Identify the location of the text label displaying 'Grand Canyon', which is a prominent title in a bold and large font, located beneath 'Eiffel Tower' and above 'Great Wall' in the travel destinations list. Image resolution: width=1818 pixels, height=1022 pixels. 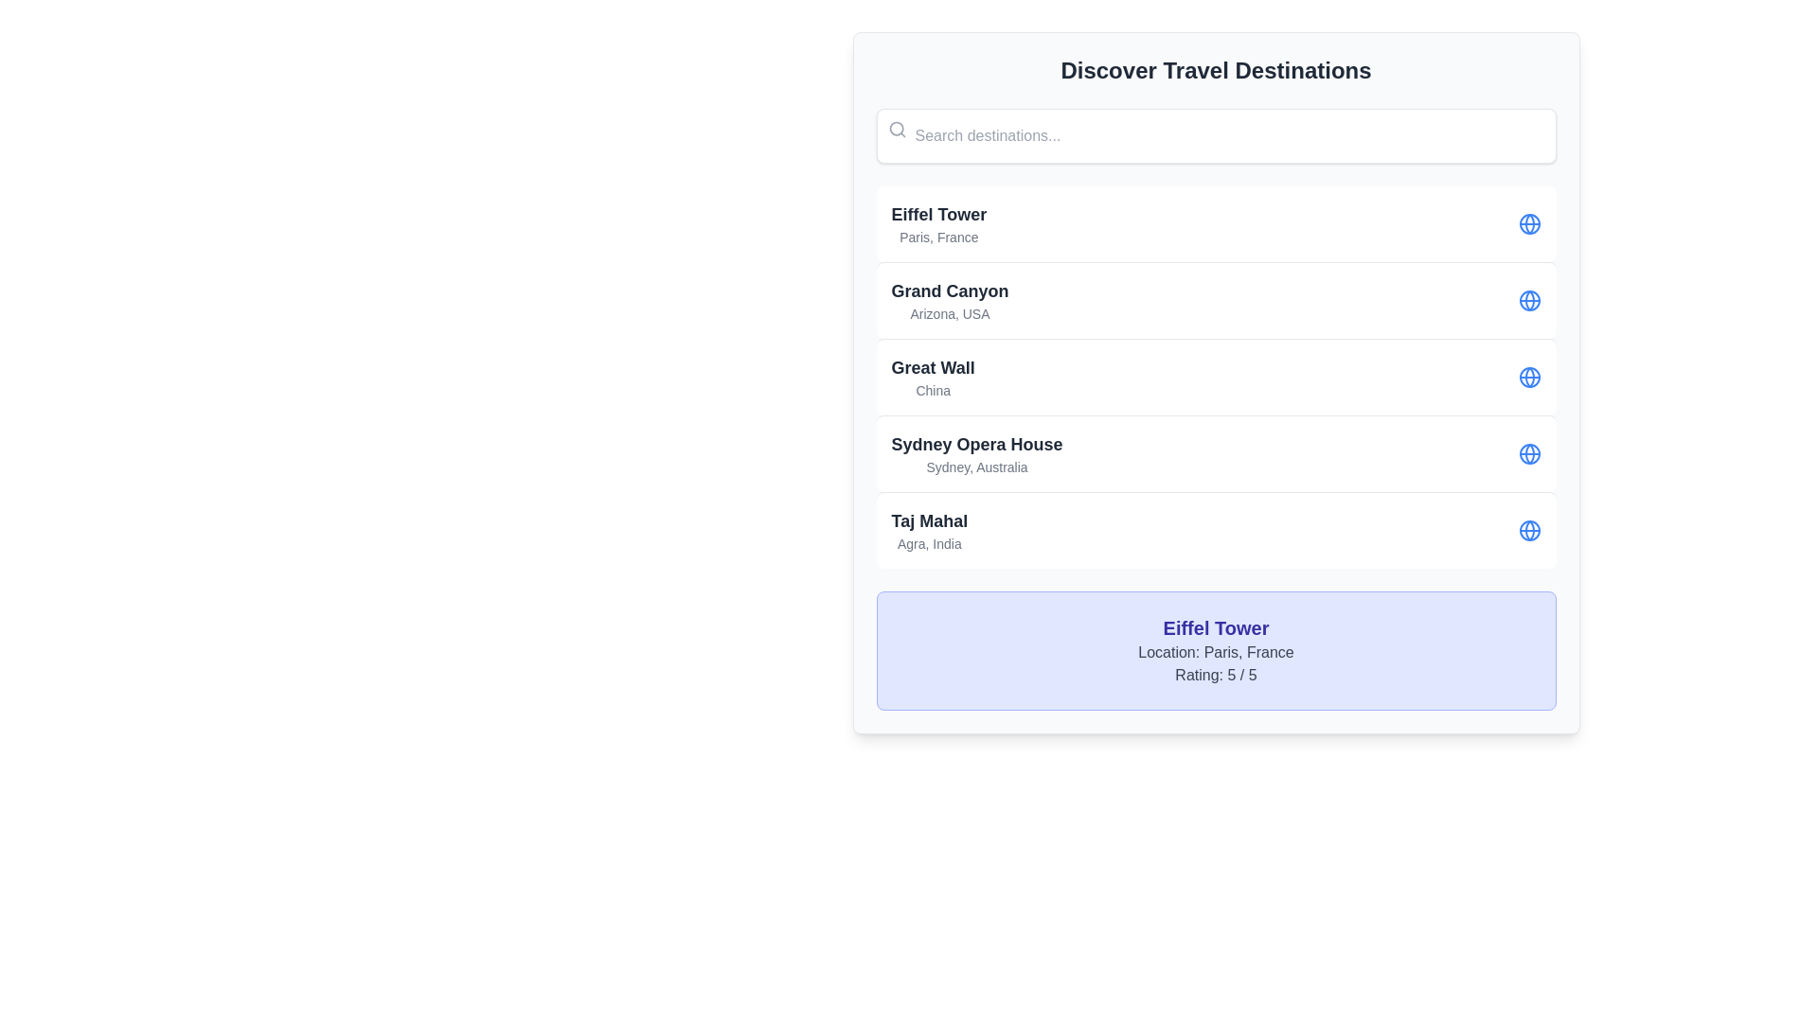
(950, 291).